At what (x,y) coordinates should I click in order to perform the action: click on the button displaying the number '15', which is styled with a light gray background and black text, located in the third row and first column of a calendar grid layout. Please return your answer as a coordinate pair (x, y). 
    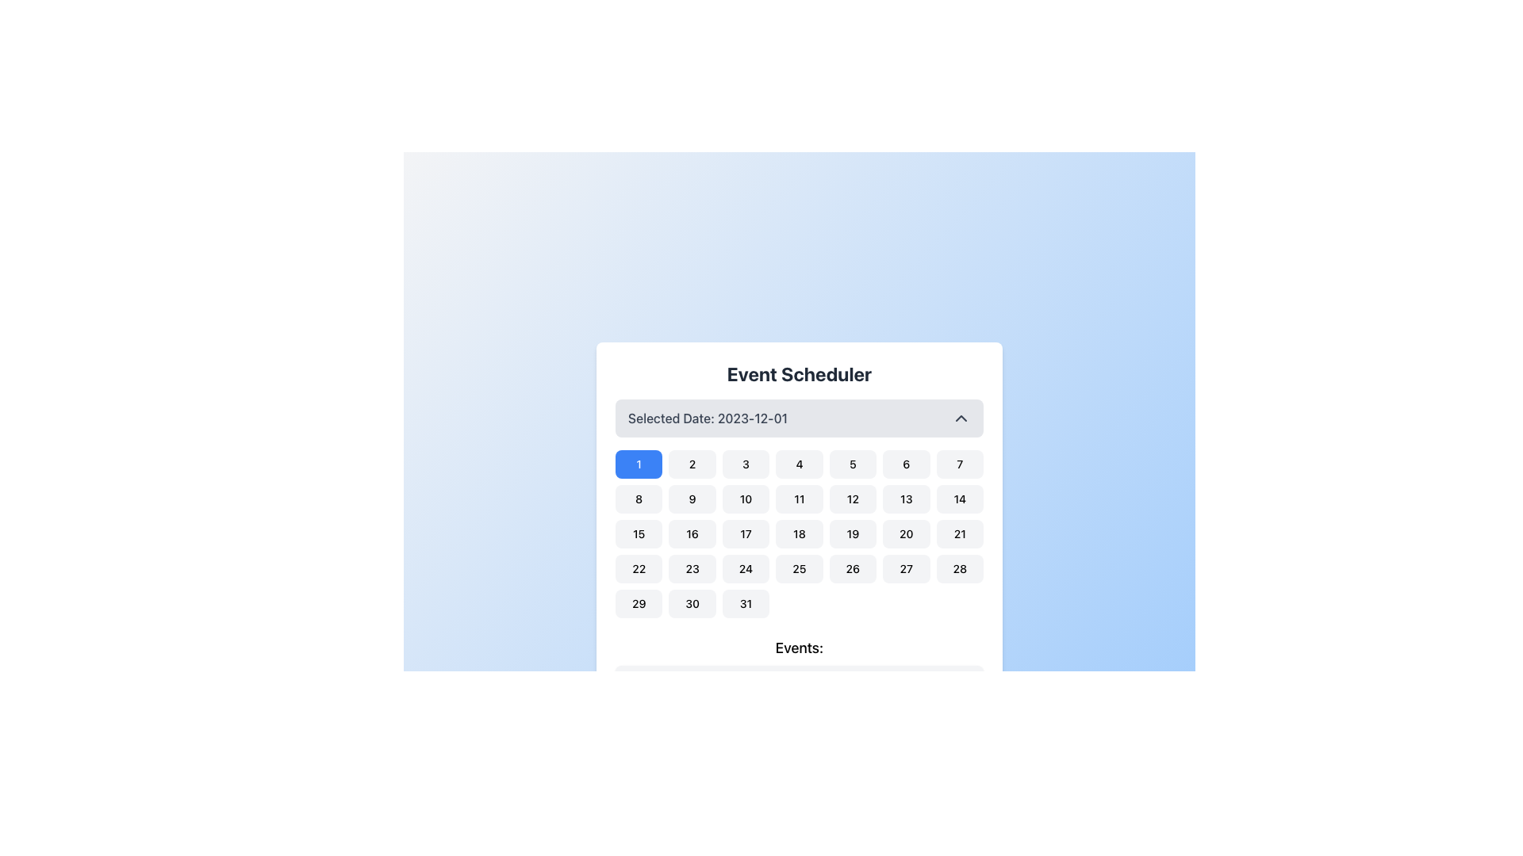
    Looking at the image, I should click on (639, 534).